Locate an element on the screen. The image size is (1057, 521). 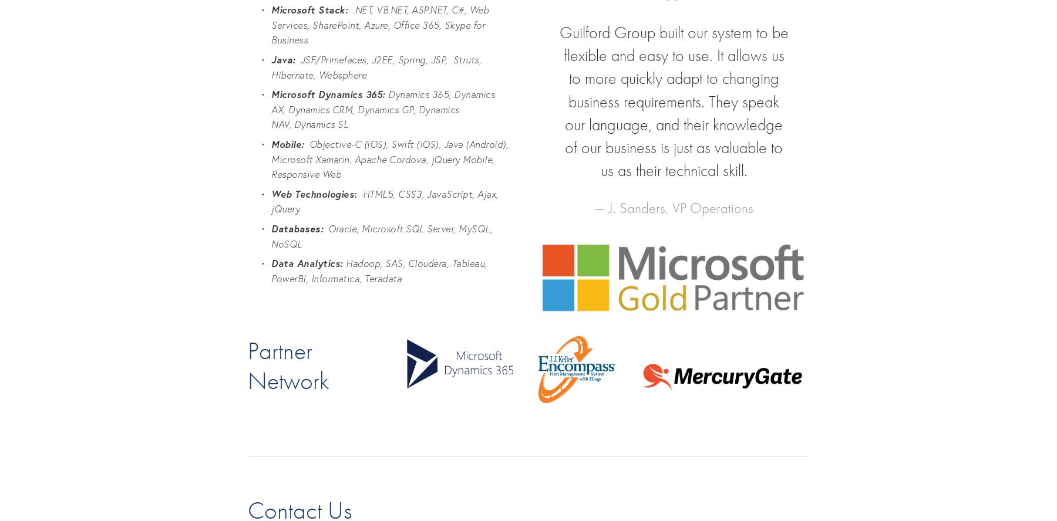
'Oracle, Microsoft SQL Server, MySQL, NoSQL' is located at coordinates (383, 235).